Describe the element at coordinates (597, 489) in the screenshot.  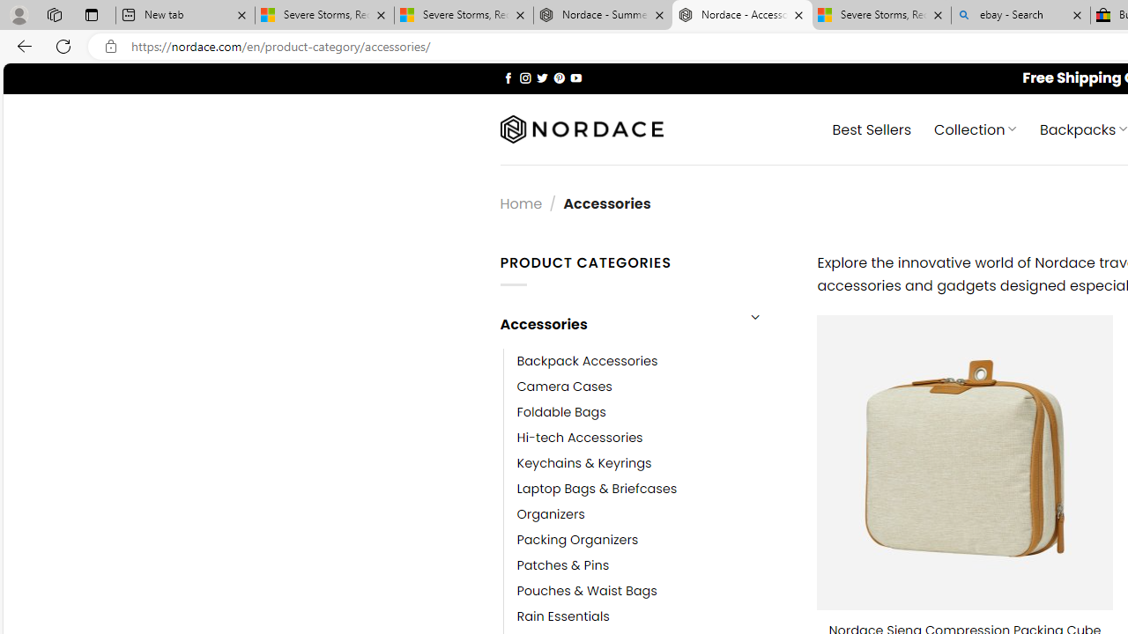
I see `'Laptop Bags & Briefcases'` at that location.